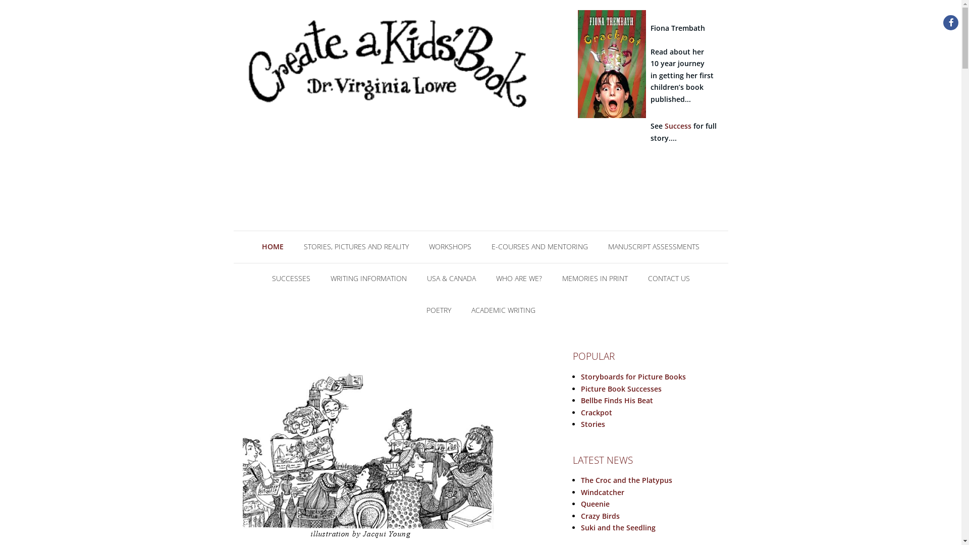 The width and height of the screenshot is (969, 545). I want to click on 'Suki and the Seedling', so click(617, 527).